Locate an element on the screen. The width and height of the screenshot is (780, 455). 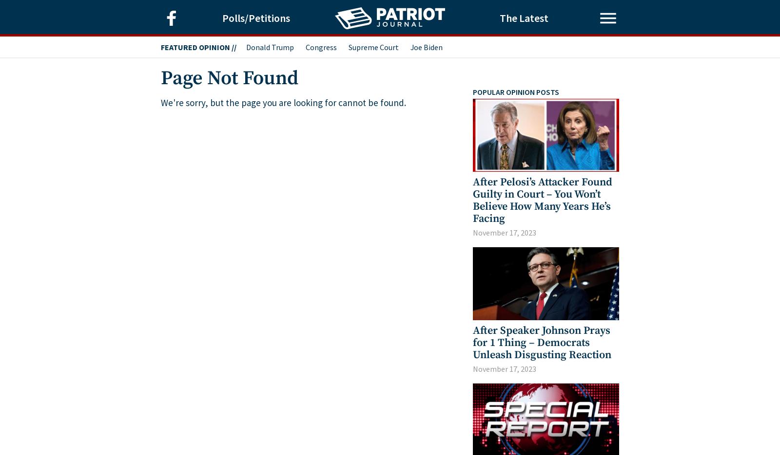
'Featured Opinion //' is located at coordinates (198, 46).